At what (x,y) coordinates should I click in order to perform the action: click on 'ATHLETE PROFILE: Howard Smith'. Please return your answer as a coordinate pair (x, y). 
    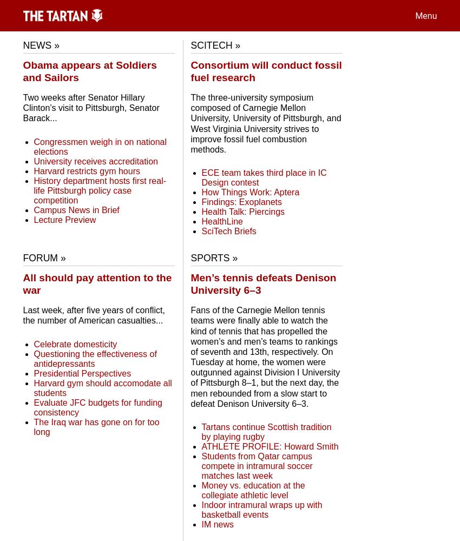
    Looking at the image, I should click on (270, 446).